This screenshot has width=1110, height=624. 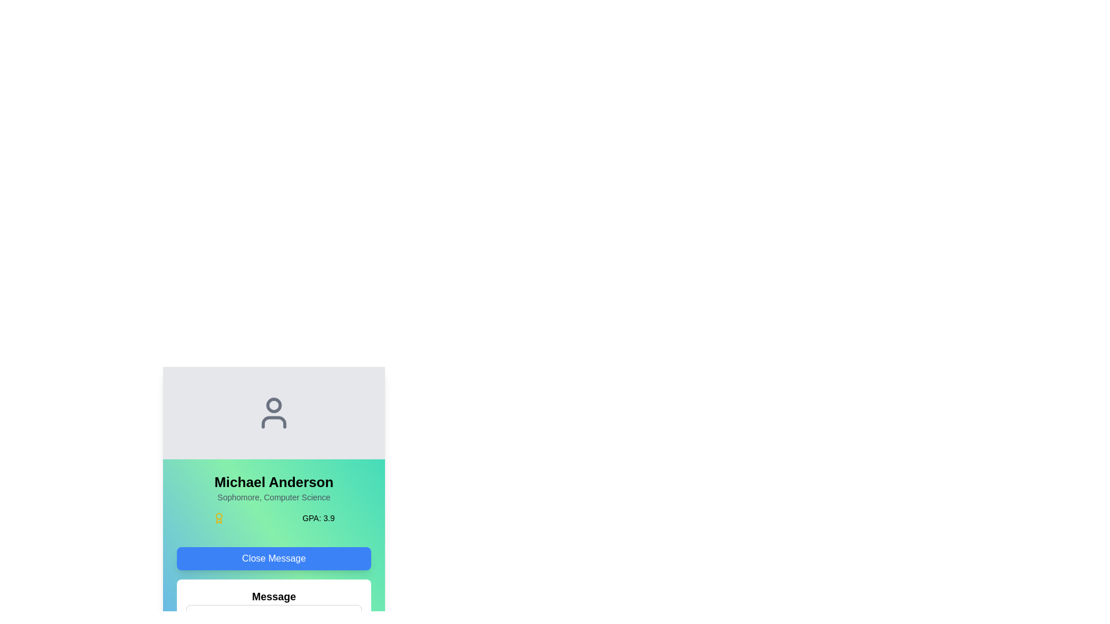 What do you see at coordinates (273, 412) in the screenshot?
I see `the profile icon that serves as a visual representation of a user's account, centrally positioned at the top of a card-like layout` at bounding box center [273, 412].